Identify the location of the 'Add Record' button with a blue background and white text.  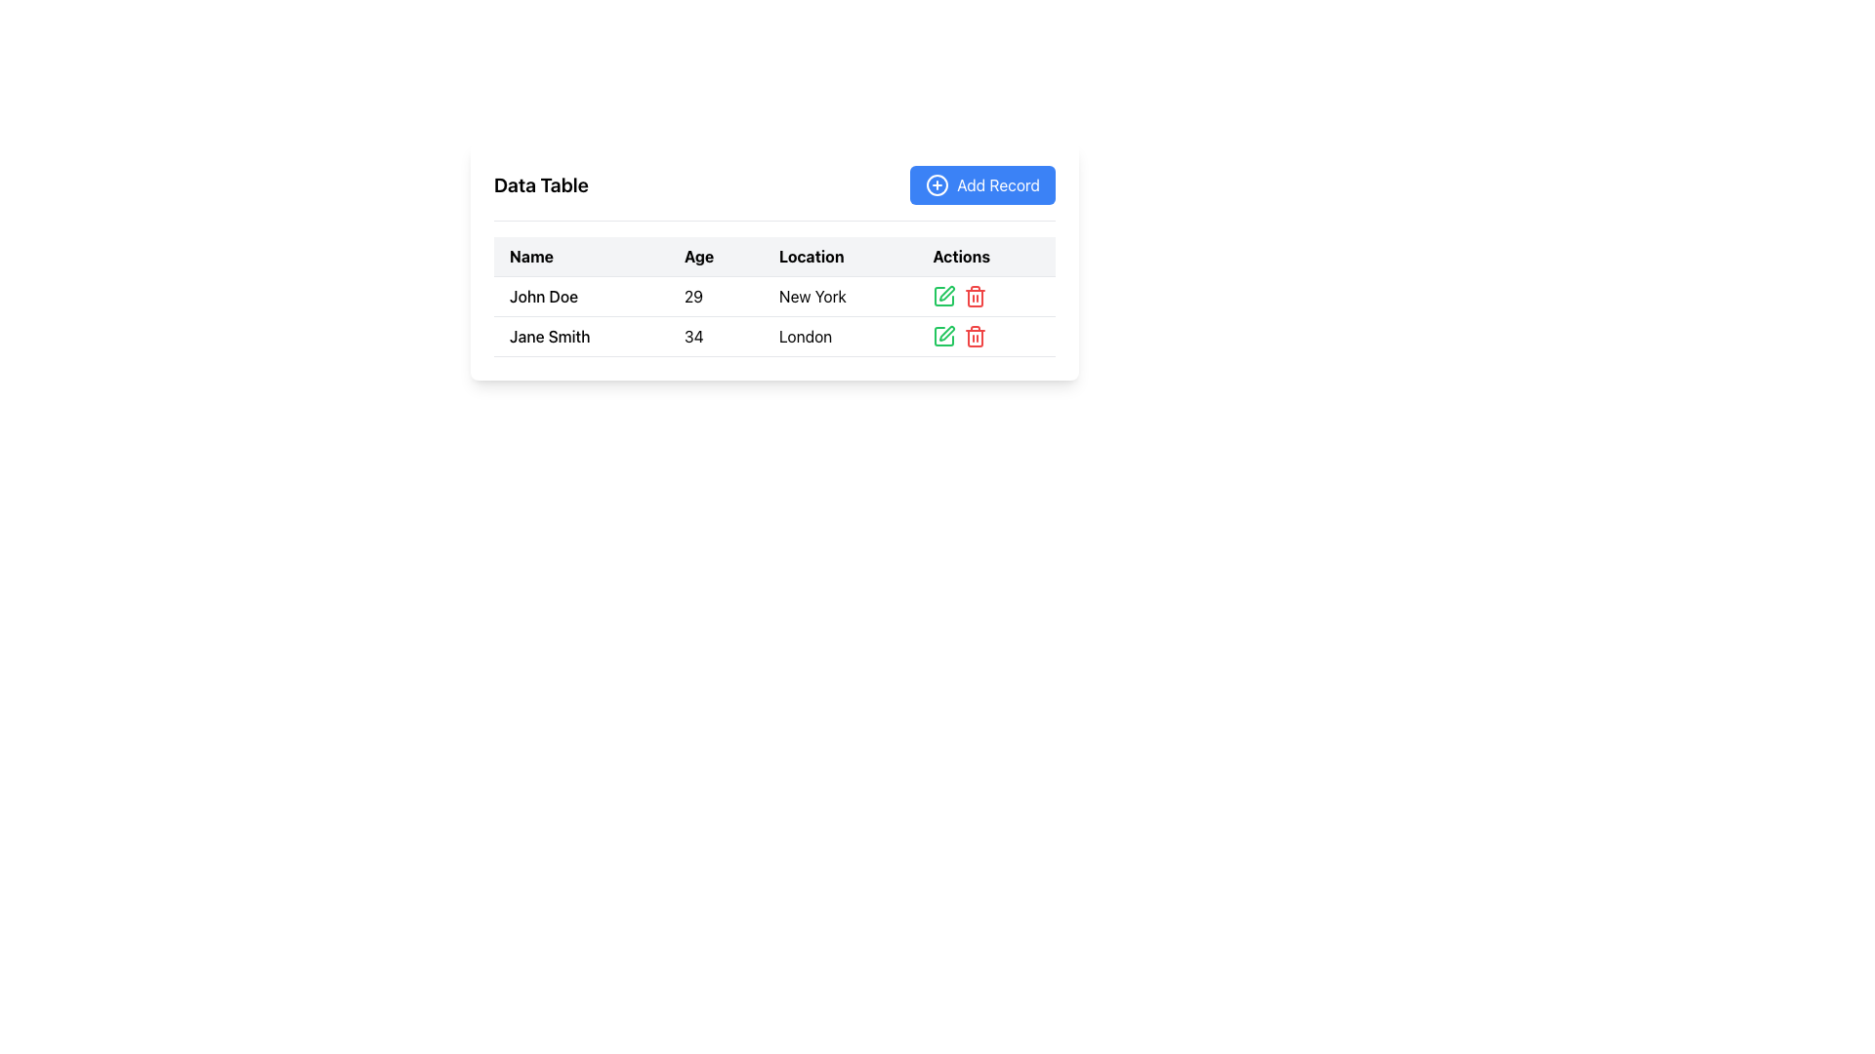
(982, 184).